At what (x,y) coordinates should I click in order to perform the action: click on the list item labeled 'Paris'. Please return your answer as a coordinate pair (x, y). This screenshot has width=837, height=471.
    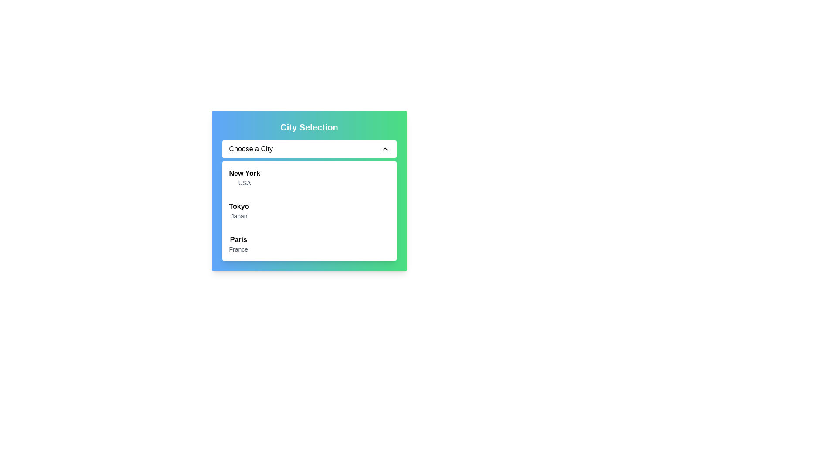
    Looking at the image, I should click on (309, 244).